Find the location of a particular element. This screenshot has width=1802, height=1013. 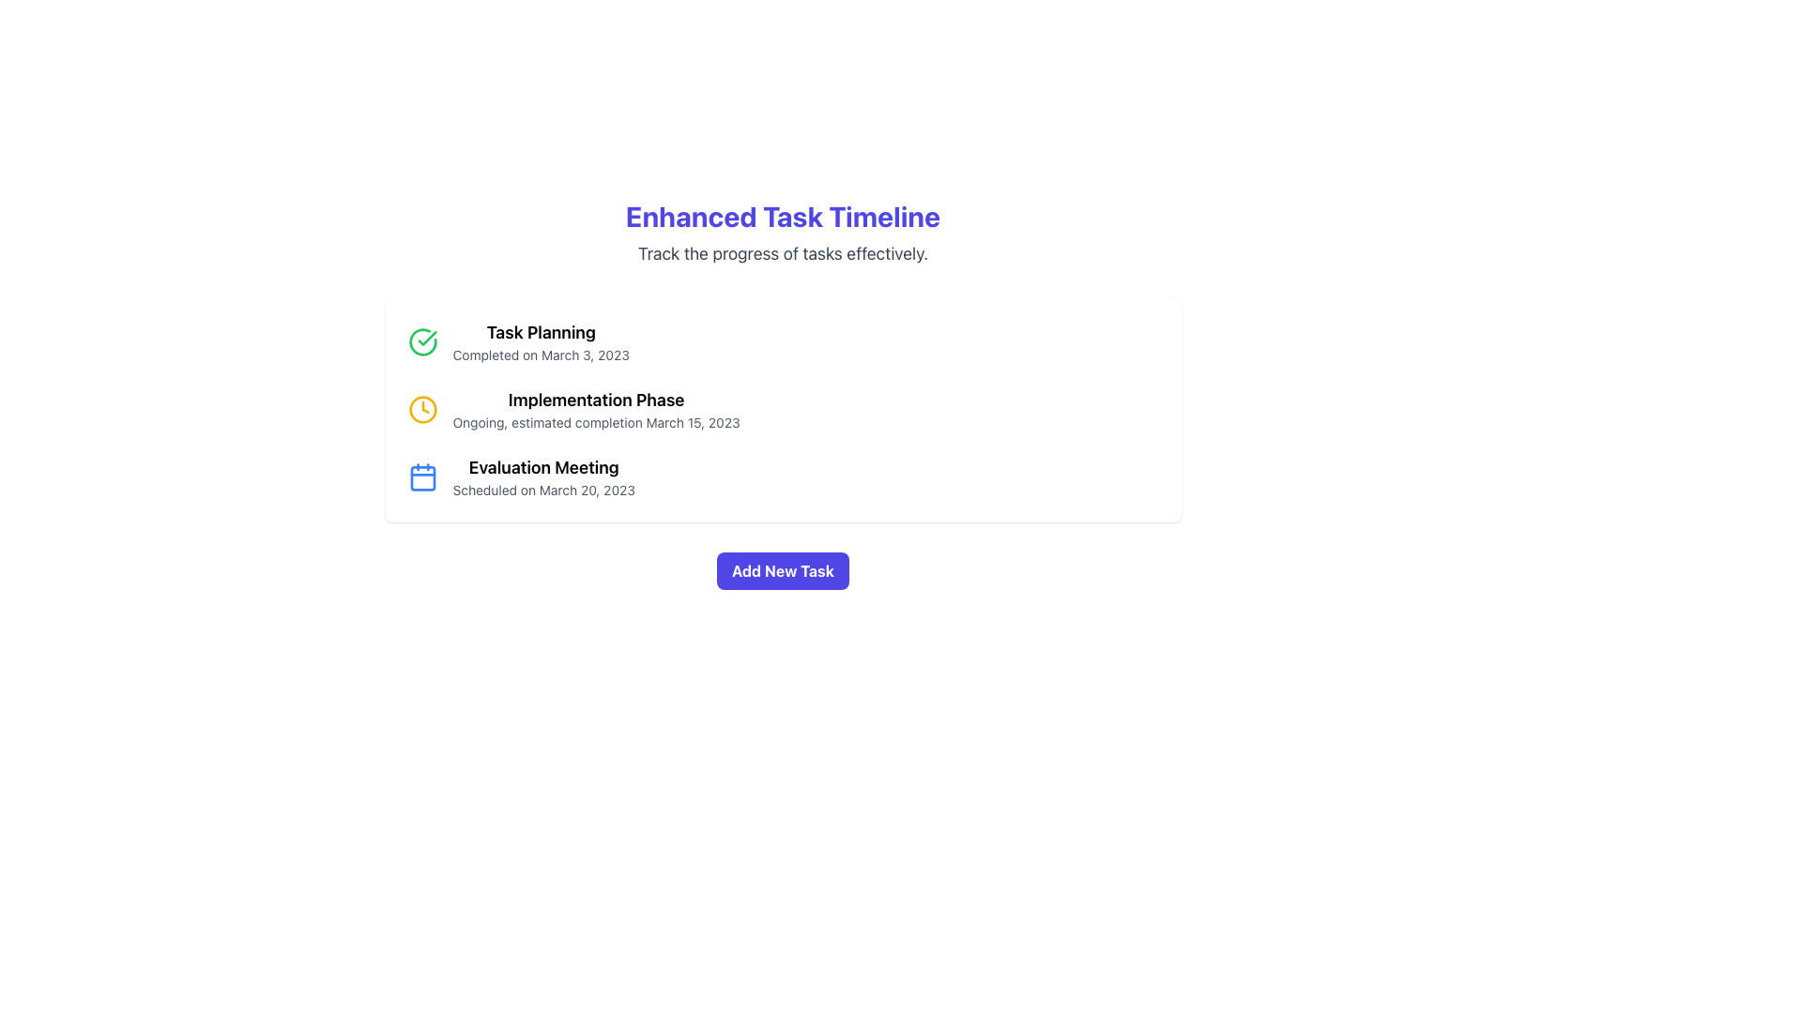

the circular icon with a green border and a check mark inside, which is associated with the first task in the 'Task Planning' section is located at coordinates (421, 342).